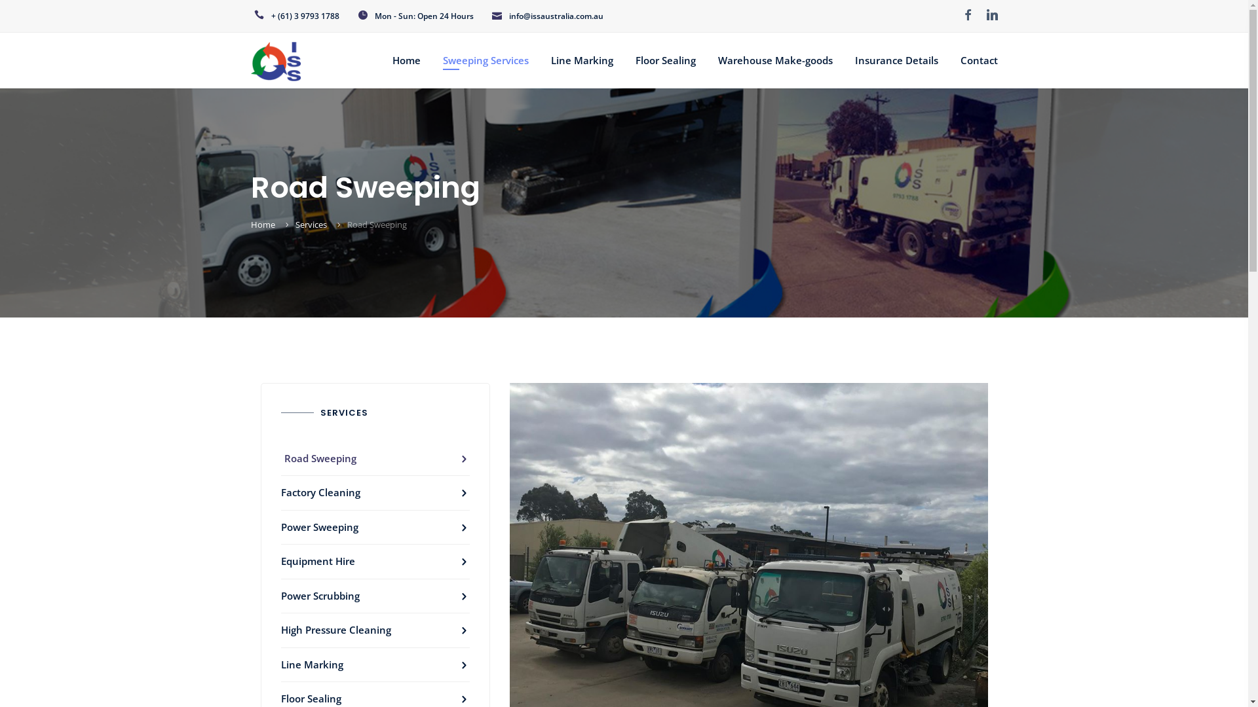  What do you see at coordinates (979, 60) in the screenshot?
I see `'Contact'` at bounding box center [979, 60].